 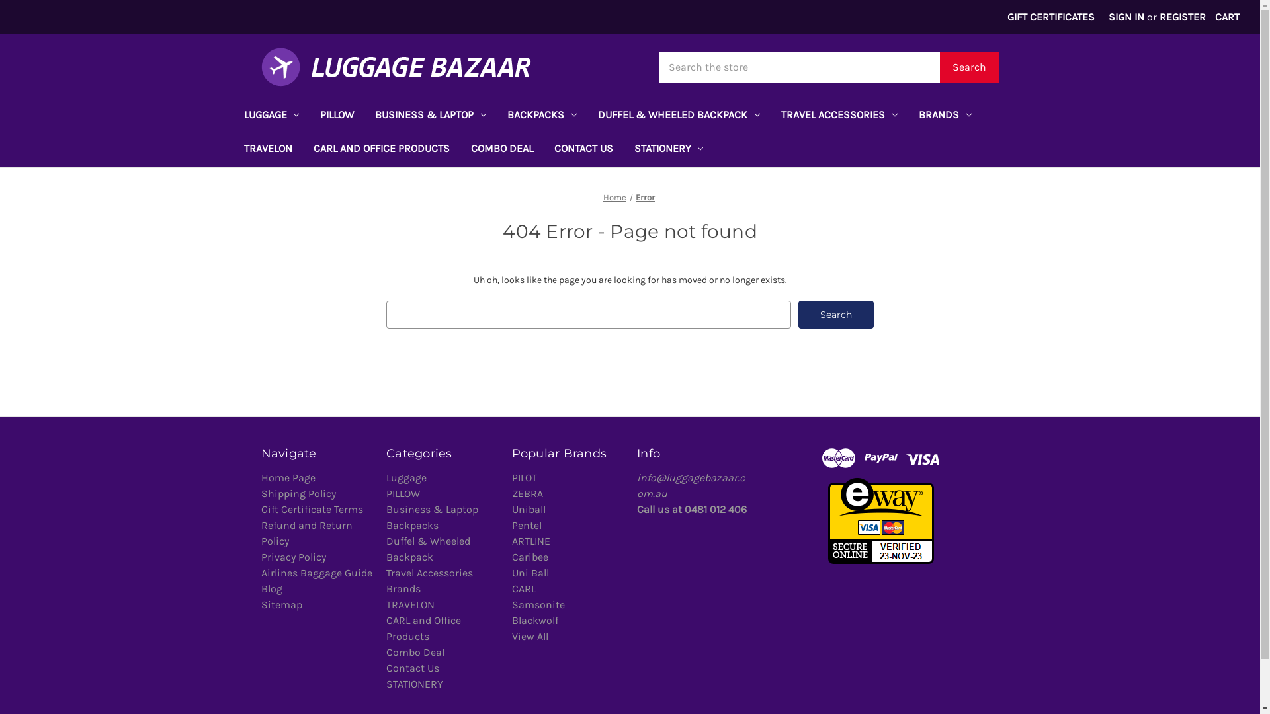 What do you see at coordinates (428, 549) in the screenshot?
I see `'Duffel & Wheeled Backpack'` at bounding box center [428, 549].